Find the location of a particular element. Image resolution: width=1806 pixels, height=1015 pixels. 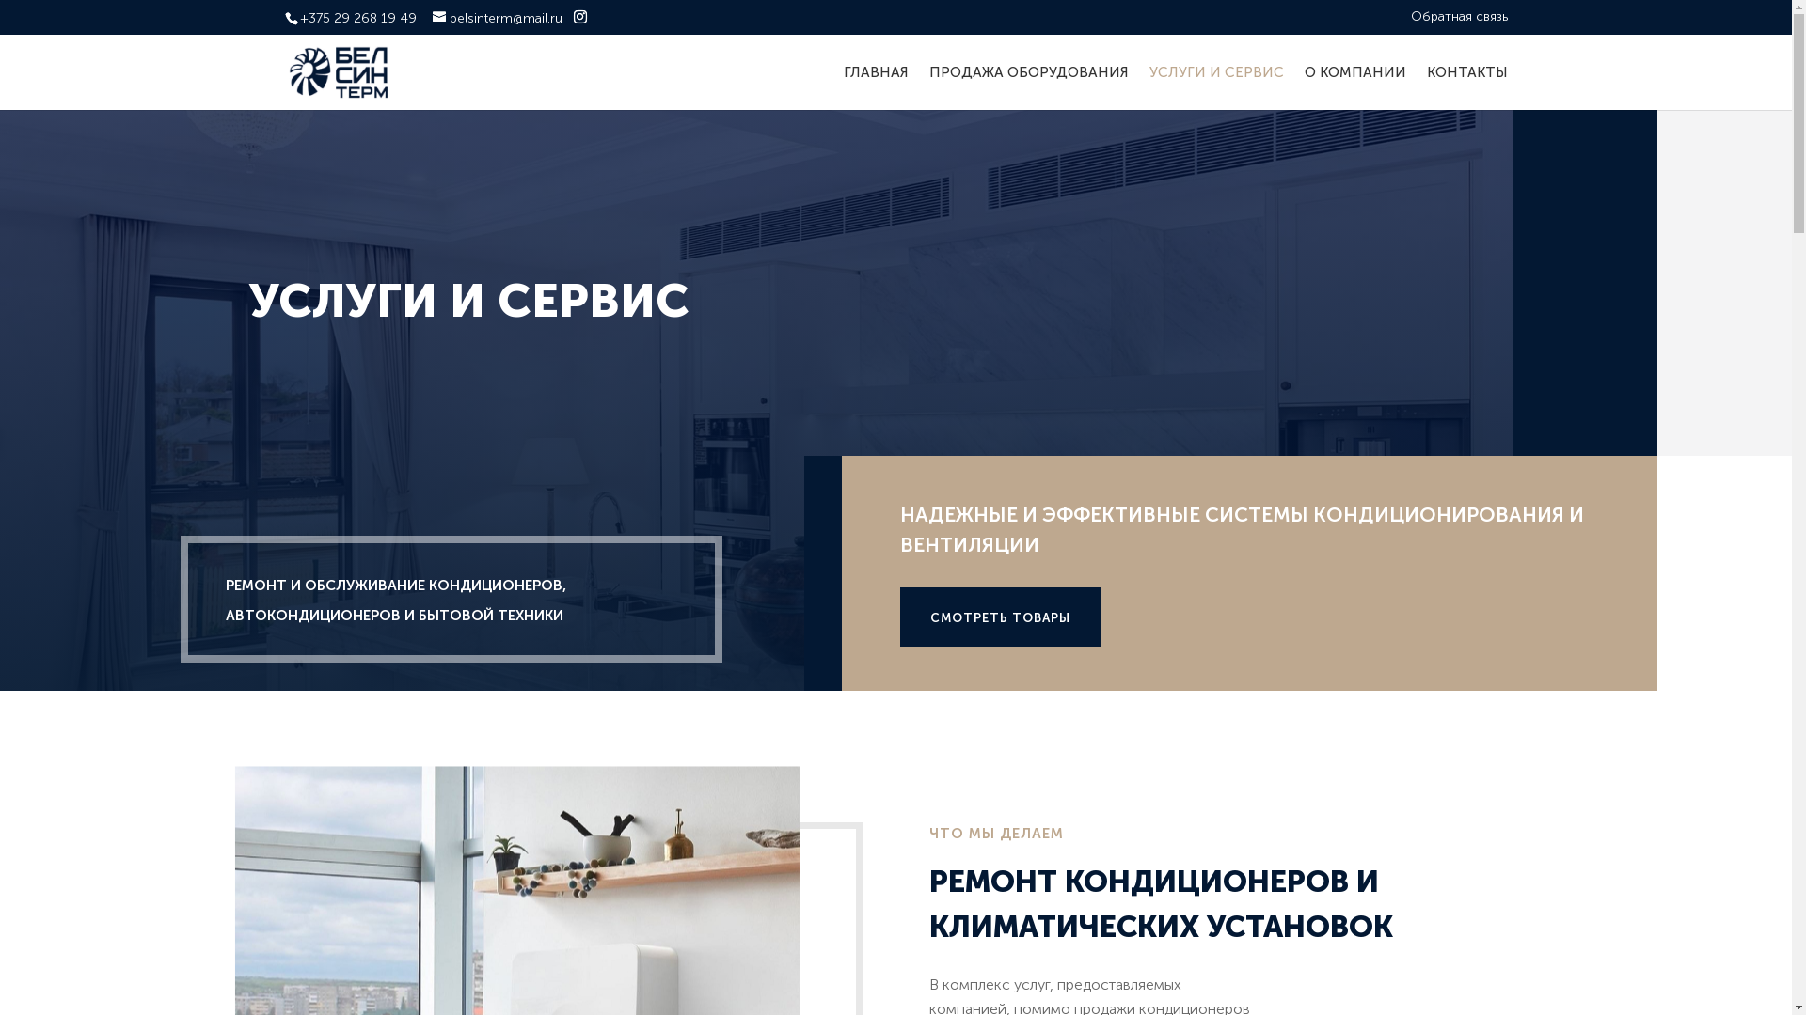

'belsinterm@mail.ru' is located at coordinates (497, 17).